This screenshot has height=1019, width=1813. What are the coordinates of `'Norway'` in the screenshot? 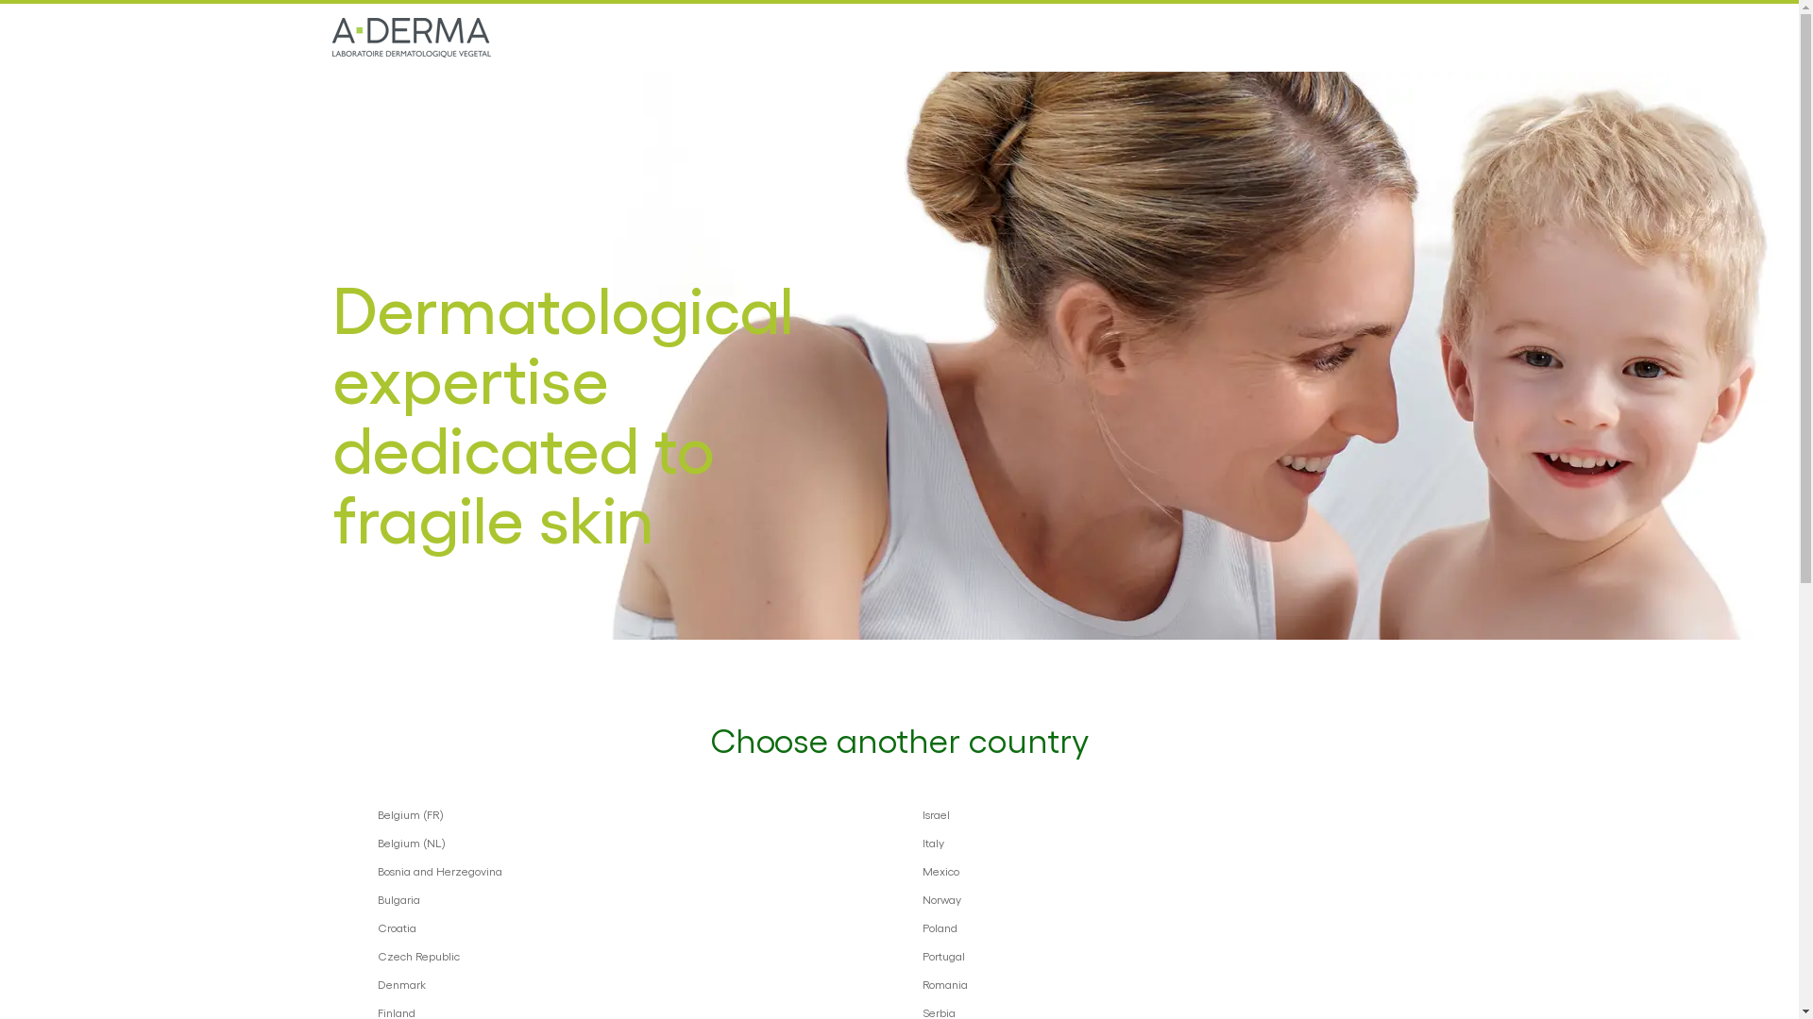 It's located at (1170, 897).